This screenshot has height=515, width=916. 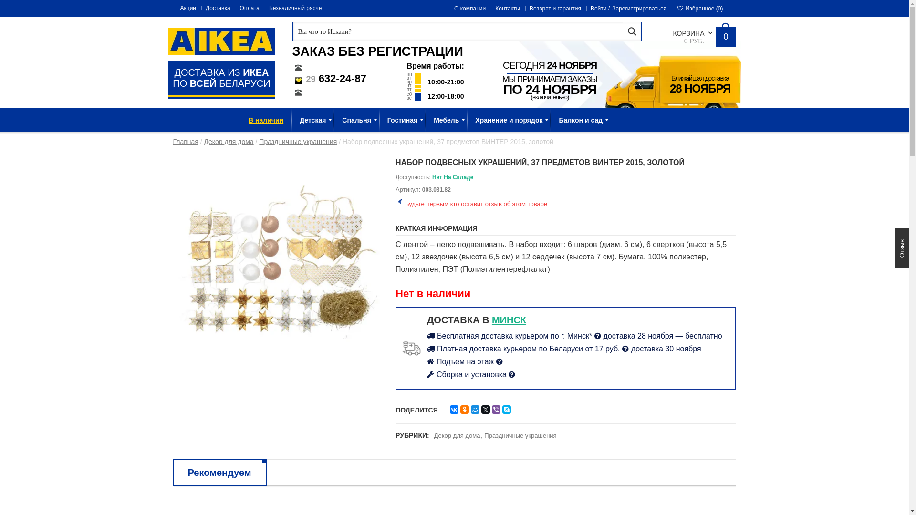 I want to click on '29 632-24-87', so click(x=329, y=78).